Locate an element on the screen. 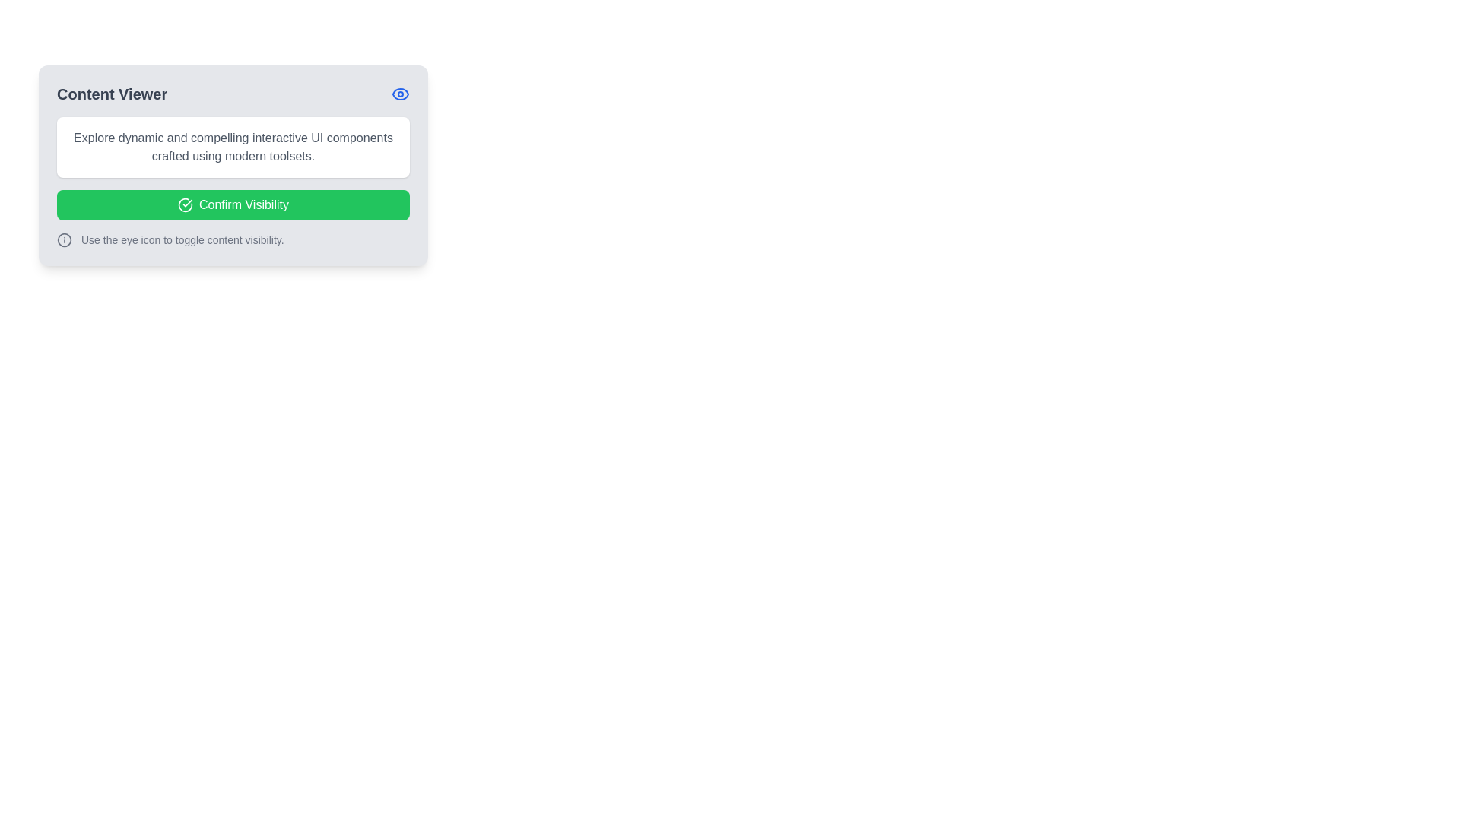  the confirmation button containing the label text, which is located at the bottom-center of the gray dialog box labeled 'Content Viewer' is located at coordinates (244, 205).